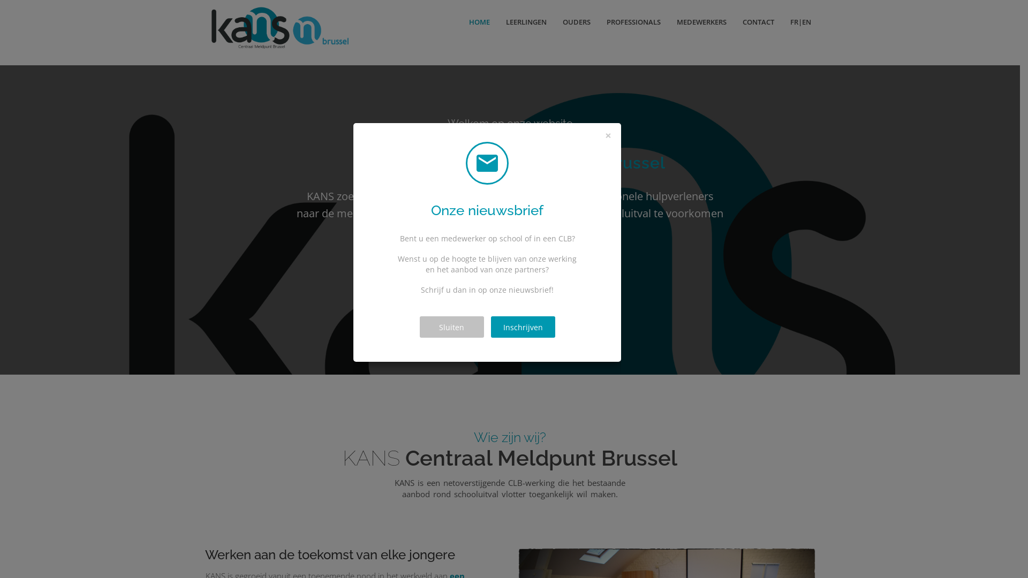 The height and width of the screenshot is (578, 1028). I want to click on 'OUDERS', so click(576, 22).